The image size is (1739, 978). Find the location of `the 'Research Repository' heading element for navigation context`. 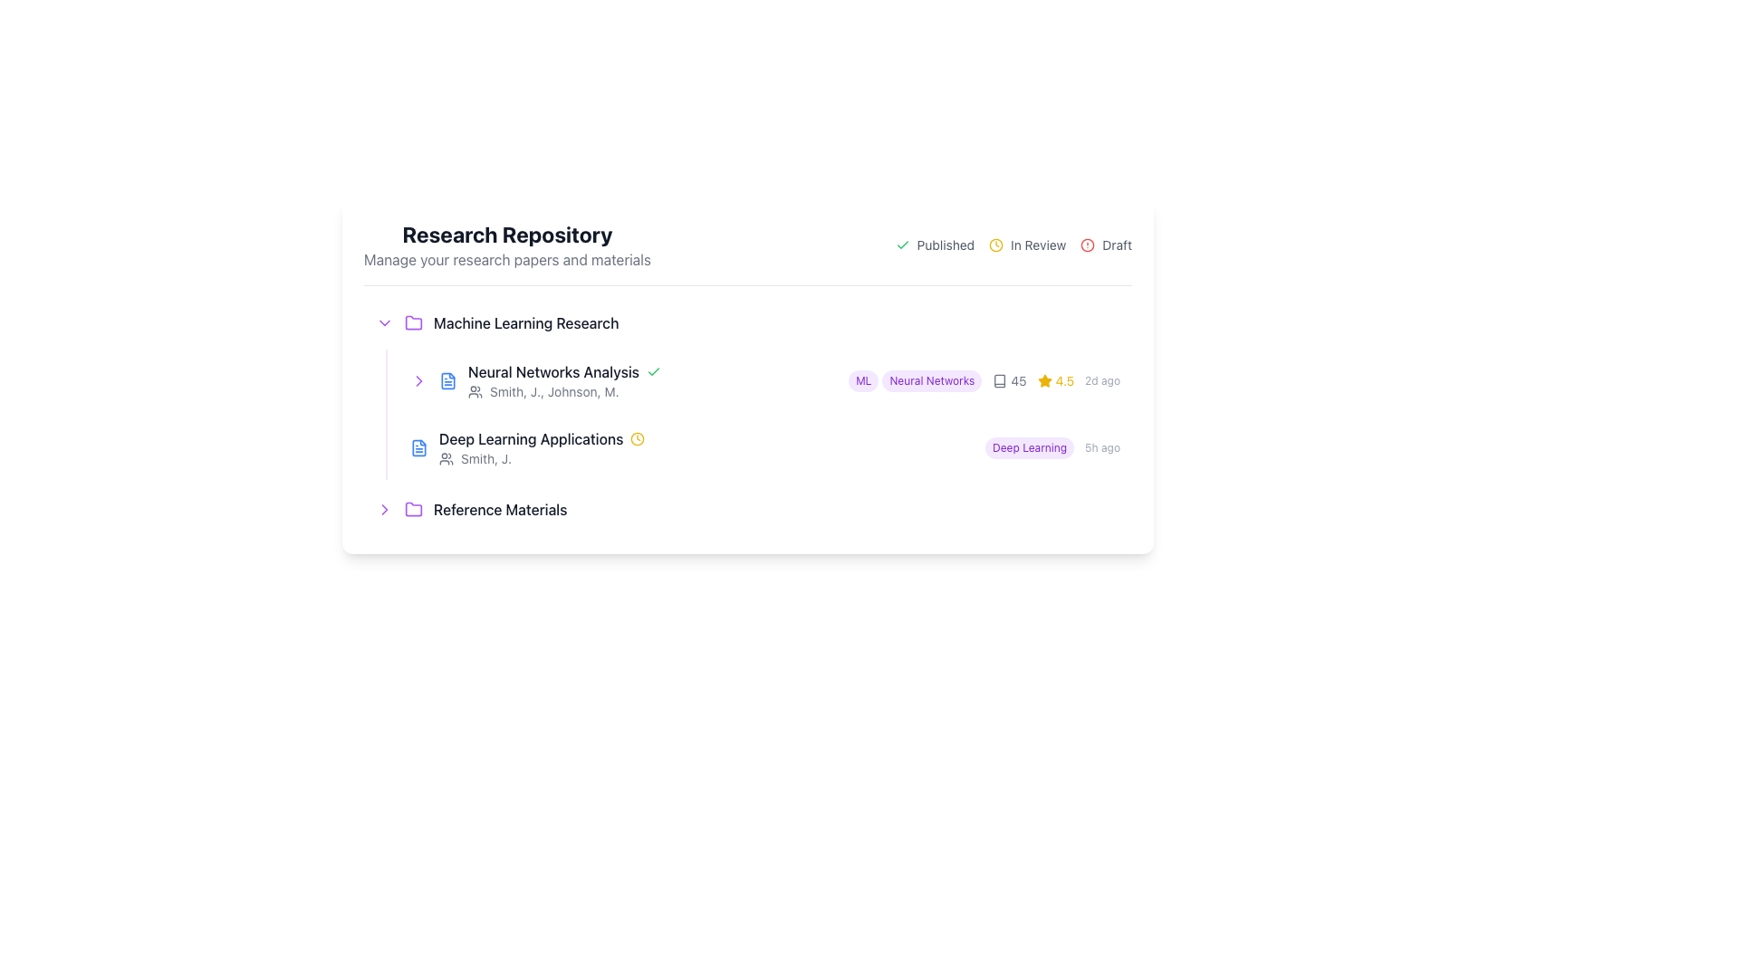

the 'Research Repository' heading element for navigation context is located at coordinates (507, 244).